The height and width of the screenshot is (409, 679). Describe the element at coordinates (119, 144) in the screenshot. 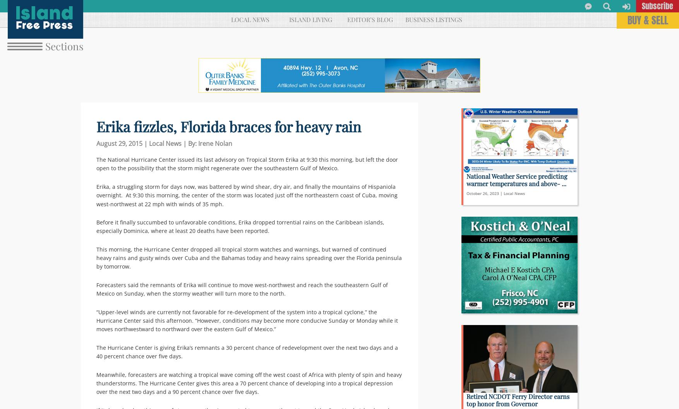

I see `'August 29, 2015'` at that location.